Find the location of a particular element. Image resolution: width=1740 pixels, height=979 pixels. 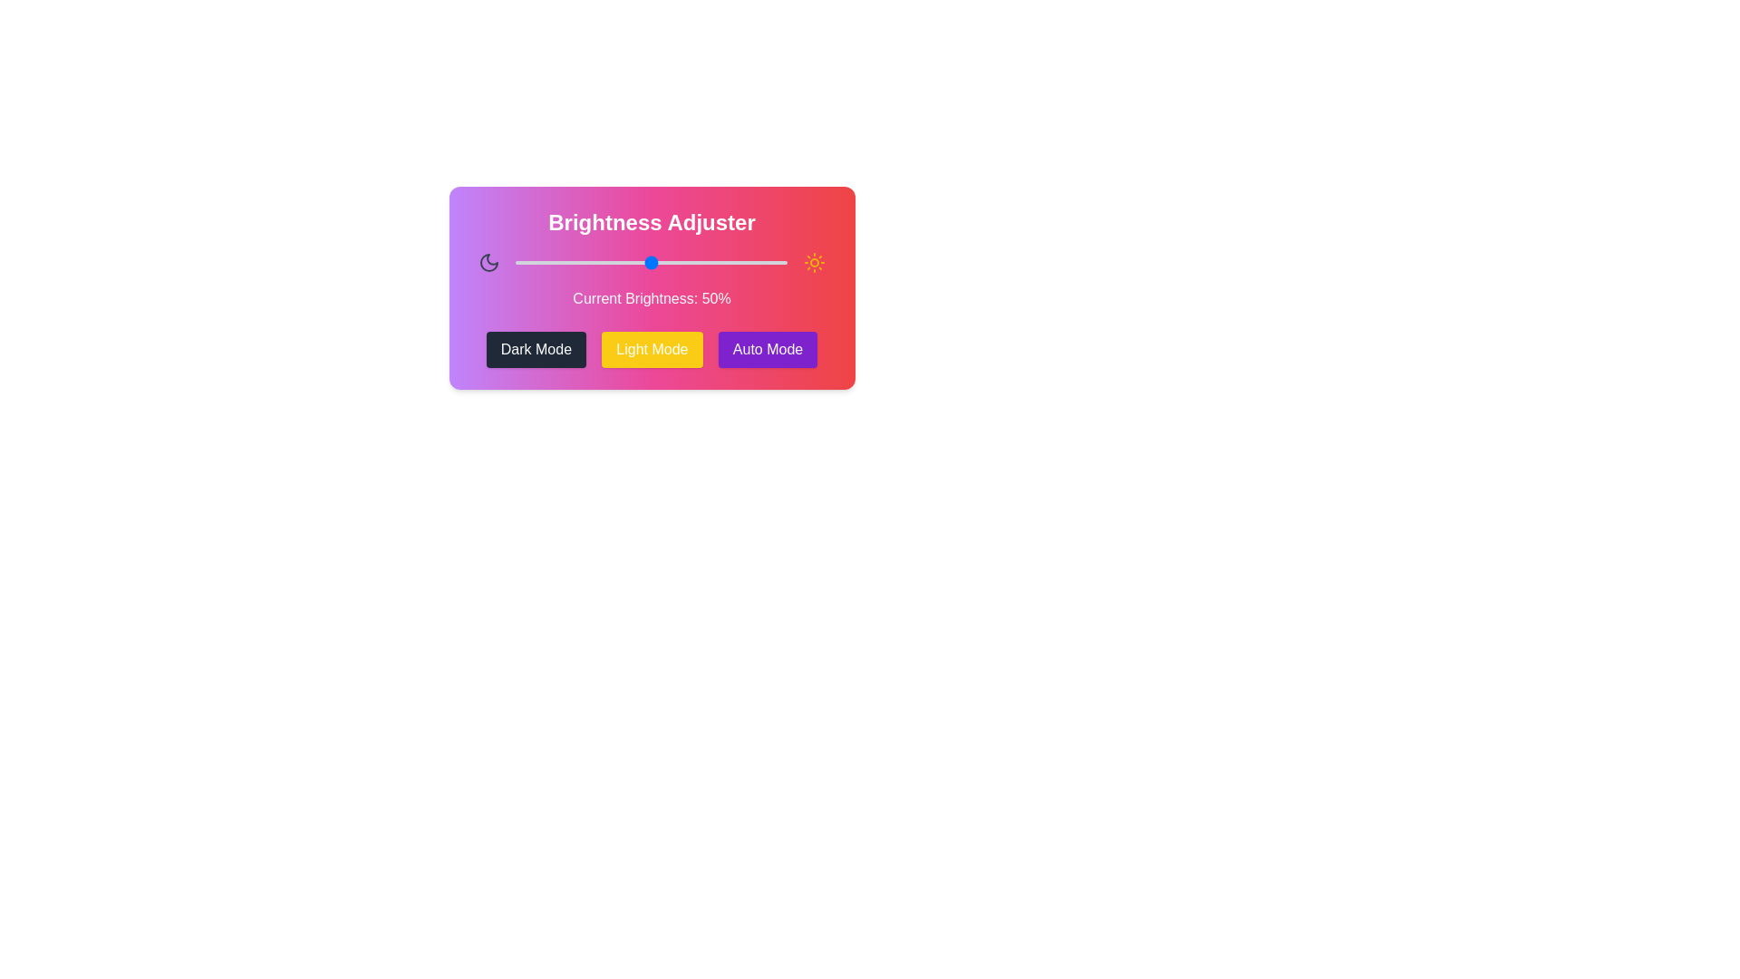

the brightness slider to 99% is located at coordinates (784, 262).